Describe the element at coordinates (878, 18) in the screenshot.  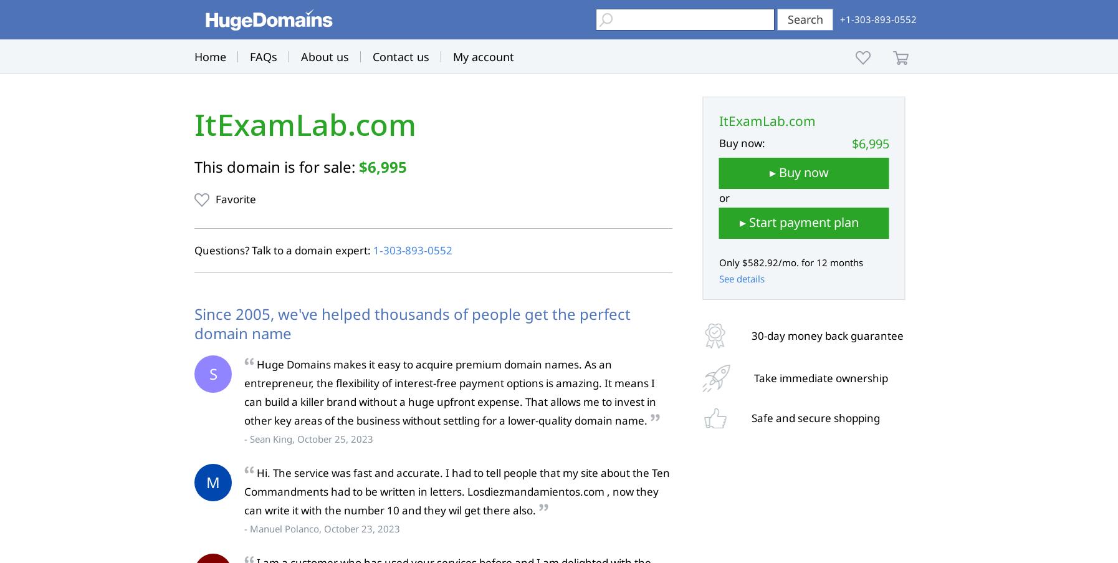
I see `'+1-303-893-0552'` at that location.